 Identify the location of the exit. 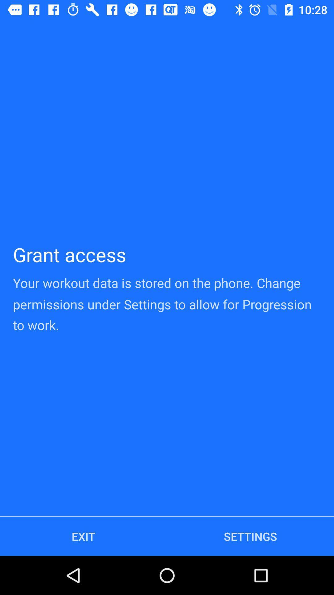
(83, 536).